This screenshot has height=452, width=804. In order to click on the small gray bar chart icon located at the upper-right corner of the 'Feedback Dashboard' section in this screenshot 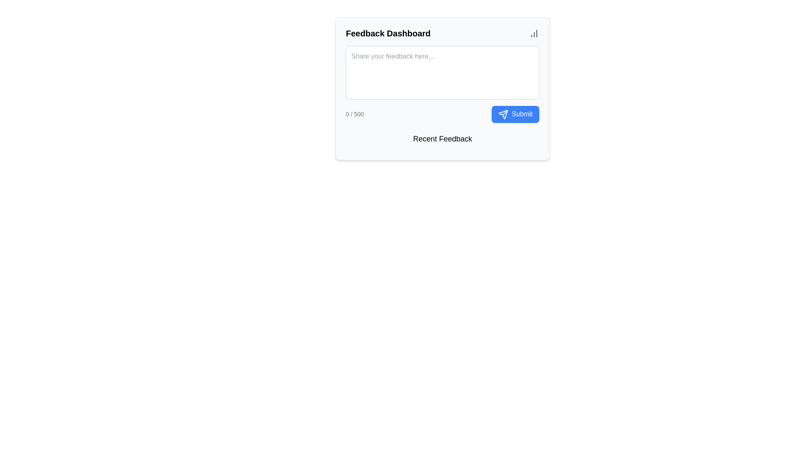, I will do `click(534, 33)`.